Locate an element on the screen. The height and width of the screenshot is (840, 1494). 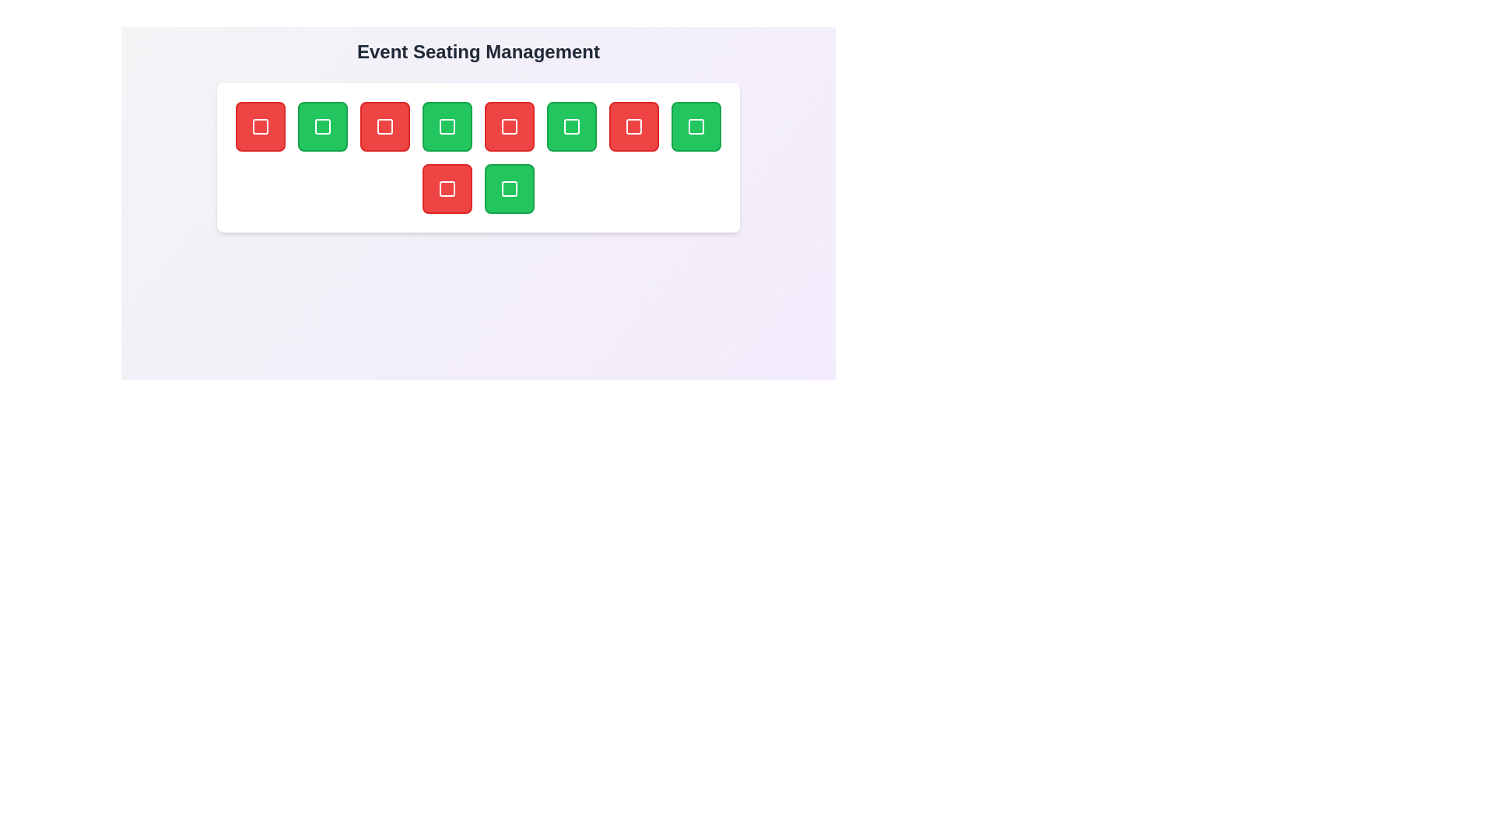
the green icon representing an available seating option is located at coordinates (447, 125).